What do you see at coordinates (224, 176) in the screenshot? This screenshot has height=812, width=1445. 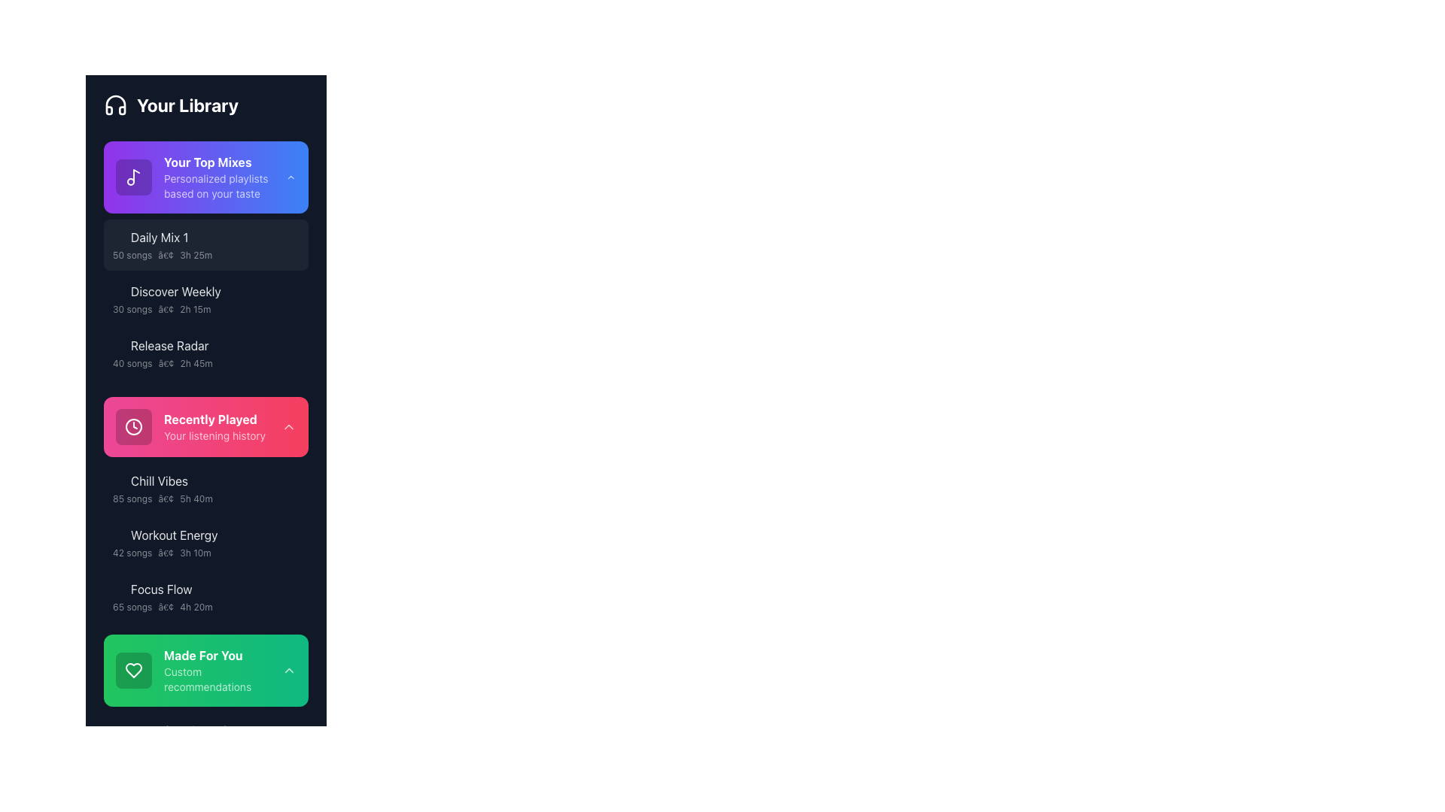 I see `text block titled 'Your Top Mixes' with subtitle 'Personalized playlists based on your taste' located in the top-left quadrant of the interface, part of a card-like UI with a purple background` at bounding box center [224, 176].